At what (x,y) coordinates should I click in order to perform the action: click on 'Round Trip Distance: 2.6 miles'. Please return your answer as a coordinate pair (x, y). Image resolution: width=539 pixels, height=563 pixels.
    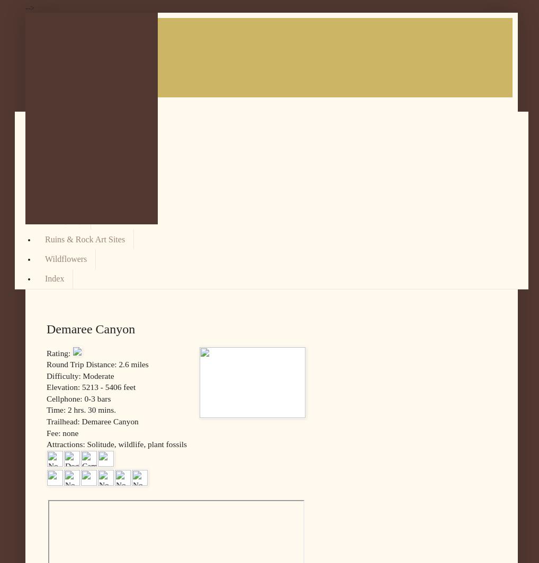
    Looking at the image, I should click on (97, 364).